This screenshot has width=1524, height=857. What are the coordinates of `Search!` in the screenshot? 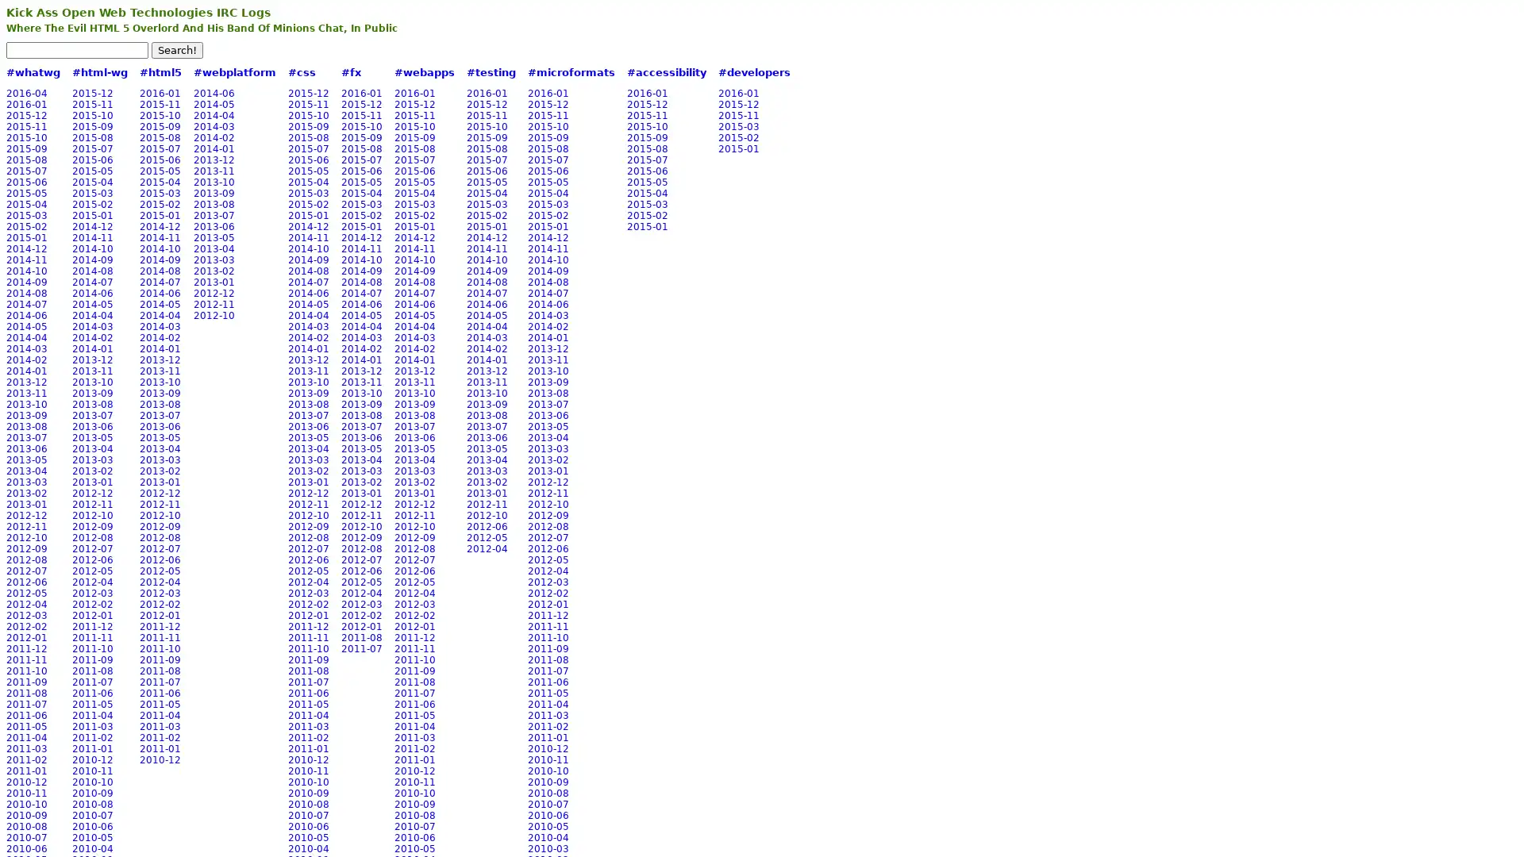 It's located at (177, 49).